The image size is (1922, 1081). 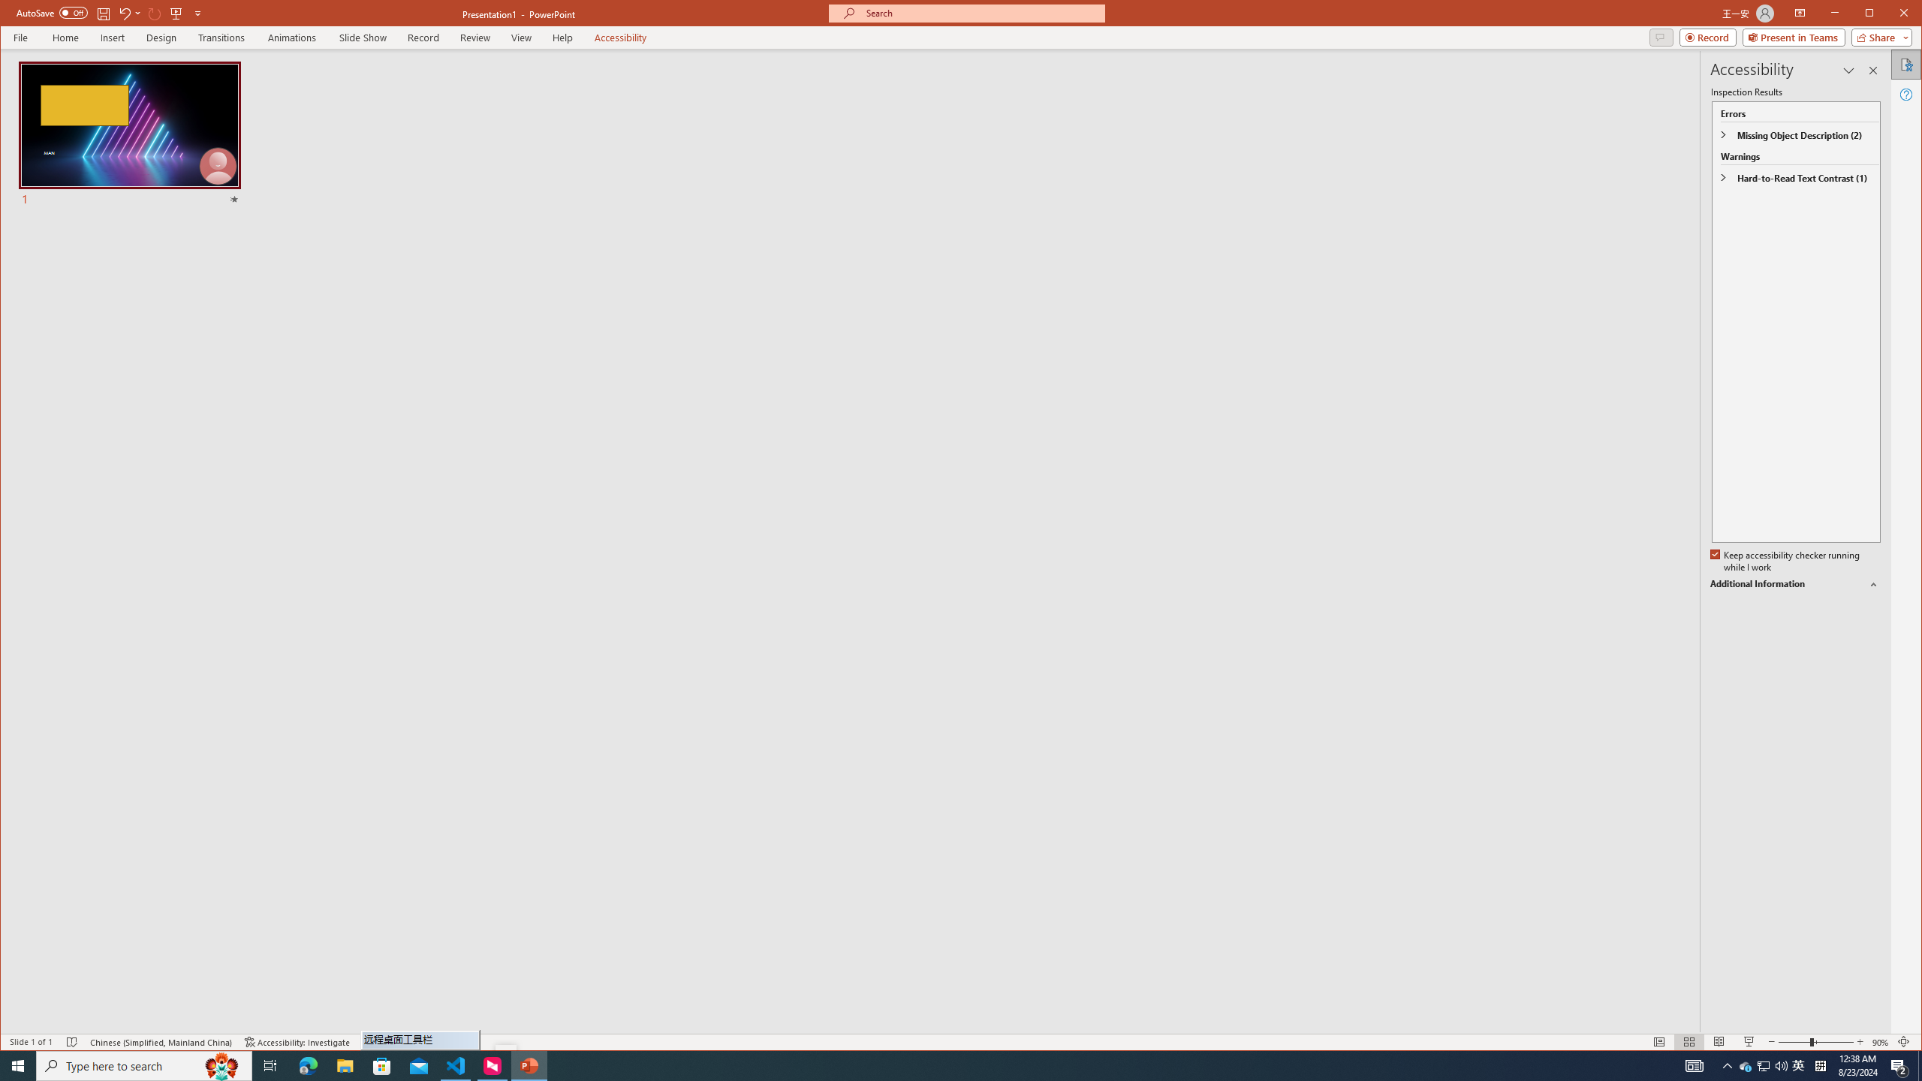 I want to click on 'Zoom Out', so click(x=1793, y=1041).